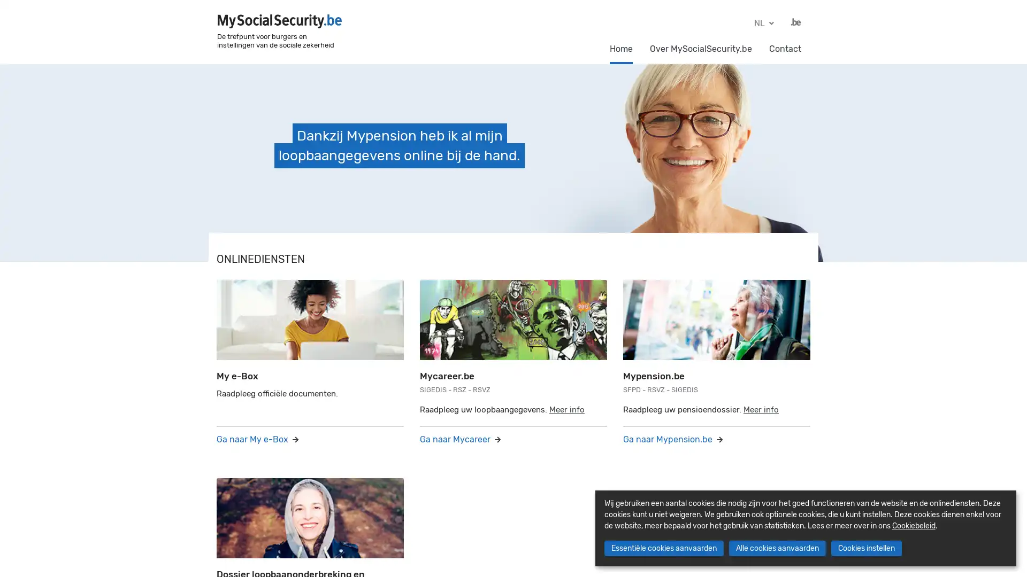 The width and height of the screenshot is (1027, 577). What do you see at coordinates (663, 548) in the screenshot?
I see `Essentiele cookies aanvaarden` at bounding box center [663, 548].